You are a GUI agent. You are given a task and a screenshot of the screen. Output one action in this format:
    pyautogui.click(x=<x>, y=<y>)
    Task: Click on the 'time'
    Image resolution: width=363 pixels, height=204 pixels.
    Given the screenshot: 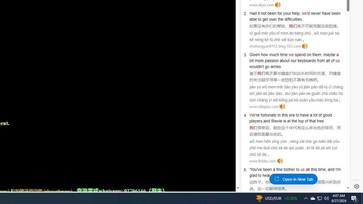 What is the action you would take?
    pyautogui.click(x=284, y=54)
    